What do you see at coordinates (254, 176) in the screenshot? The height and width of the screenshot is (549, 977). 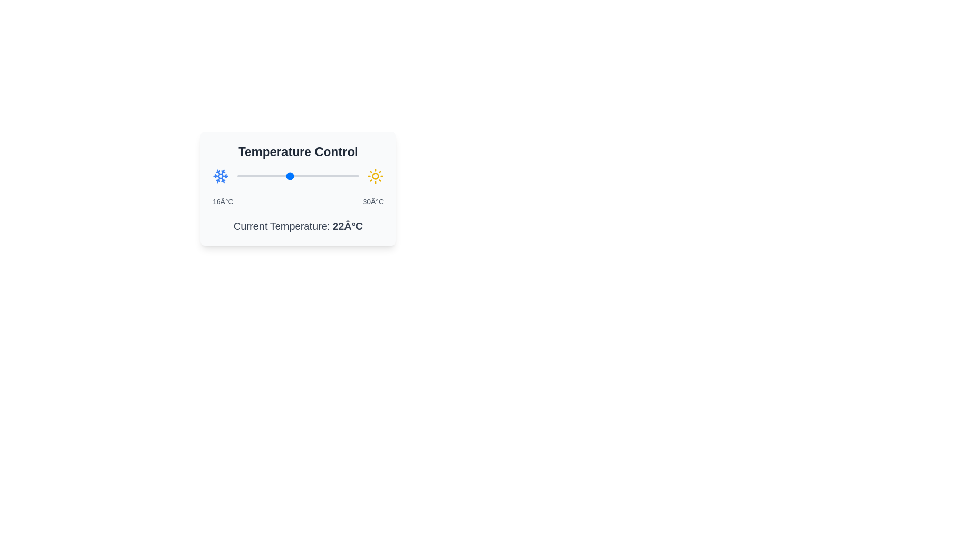 I see `the temperature to 18°C using the slider` at bounding box center [254, 176].